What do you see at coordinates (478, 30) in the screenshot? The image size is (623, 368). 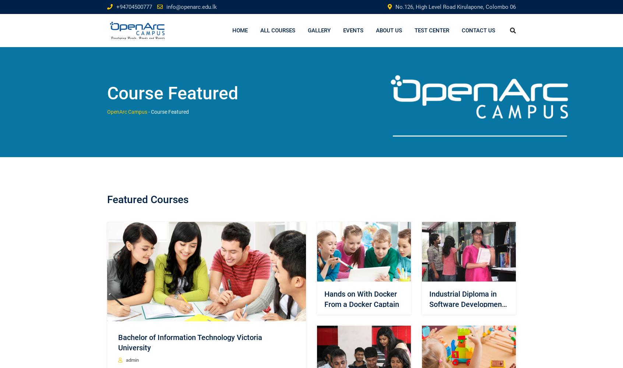 I see `'Contact Us'` at bounding box center [478, 30].